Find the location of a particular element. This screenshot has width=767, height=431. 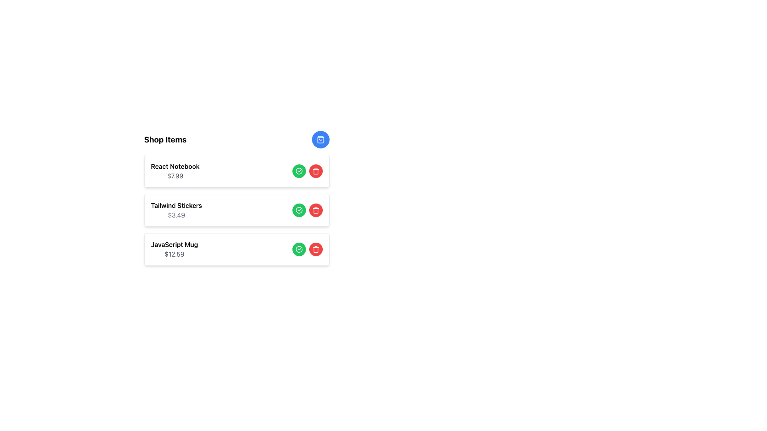

the static text displaying the price '$3.49' with a class of 'text-gray-600', located below the label 'Tailwind Stickers' in the second item slot of the list is located at coordinates (176, 215).